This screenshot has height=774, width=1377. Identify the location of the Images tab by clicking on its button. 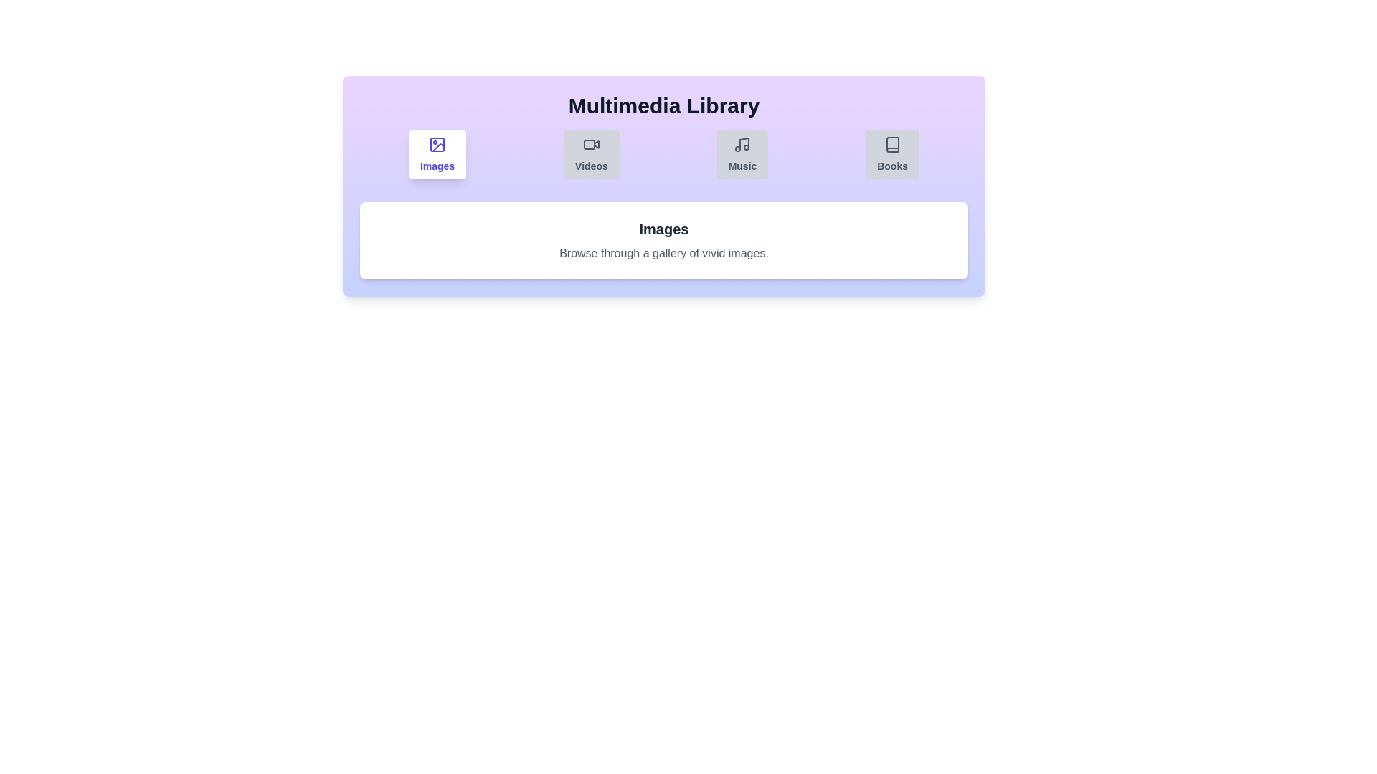
(436, 155).